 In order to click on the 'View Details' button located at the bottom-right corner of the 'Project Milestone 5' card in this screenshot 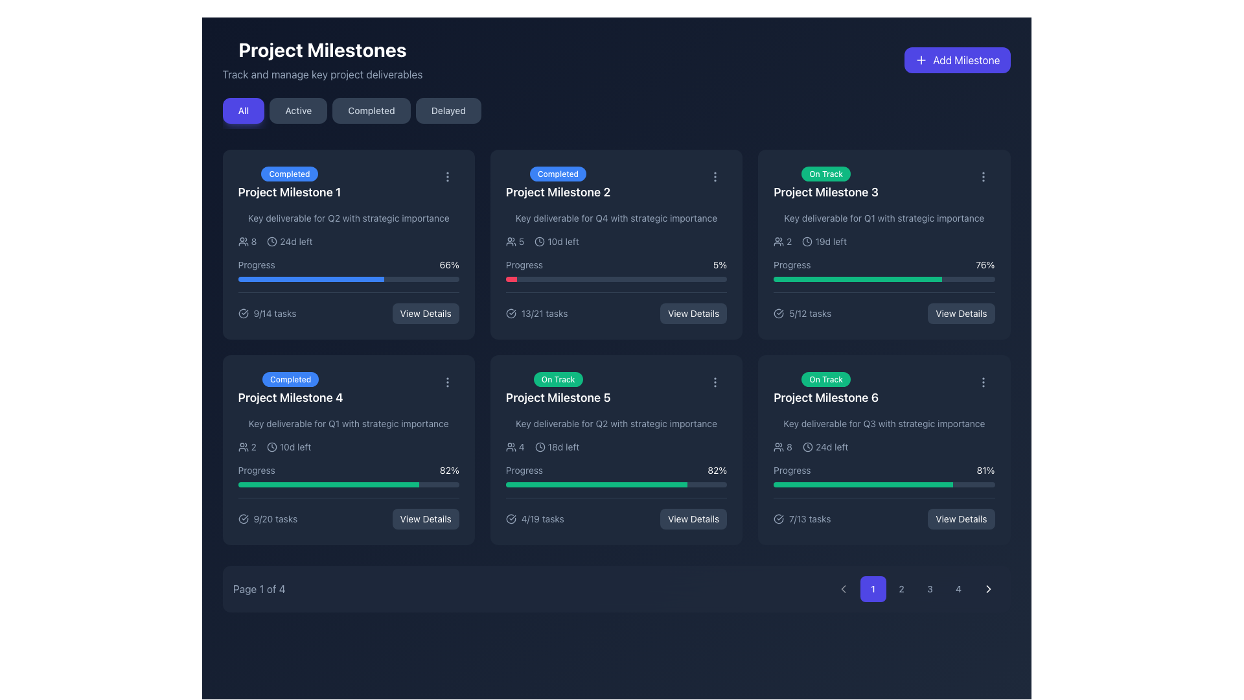, I will do `click(693, 519)`.